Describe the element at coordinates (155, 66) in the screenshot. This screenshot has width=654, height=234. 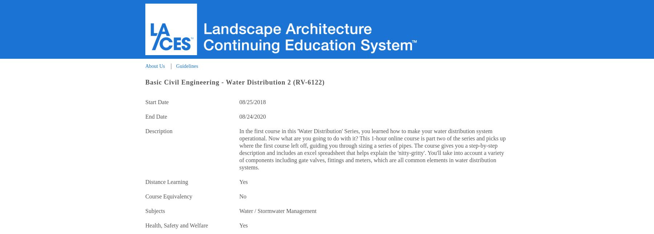
I see `'About Us'` at that location.